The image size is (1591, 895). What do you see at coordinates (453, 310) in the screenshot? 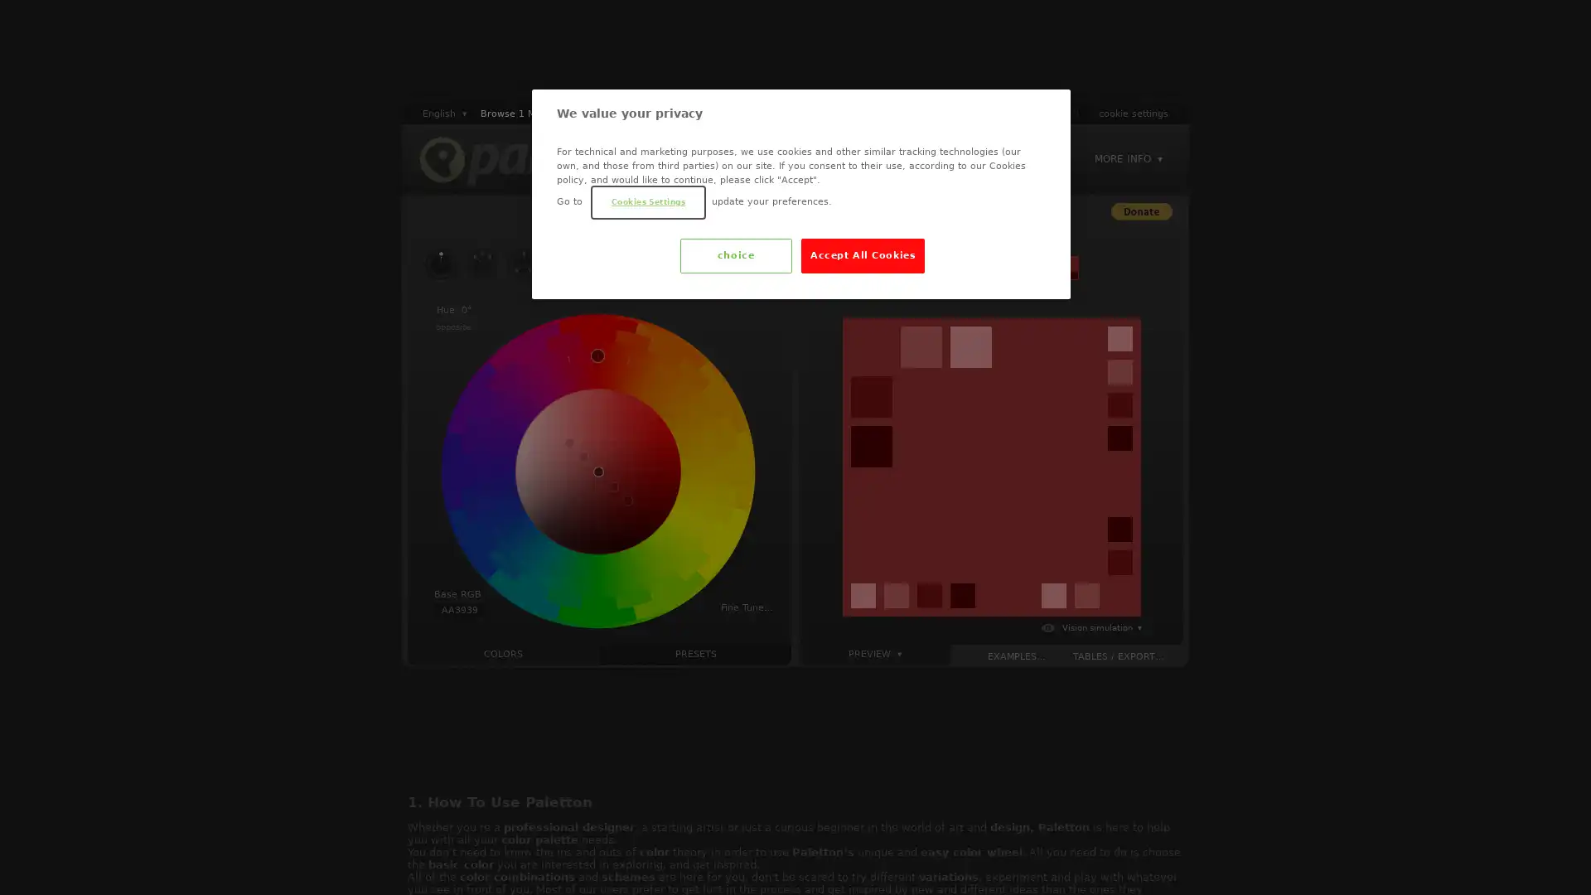
I see `Hue: 0` at bounding box center [453, 310].